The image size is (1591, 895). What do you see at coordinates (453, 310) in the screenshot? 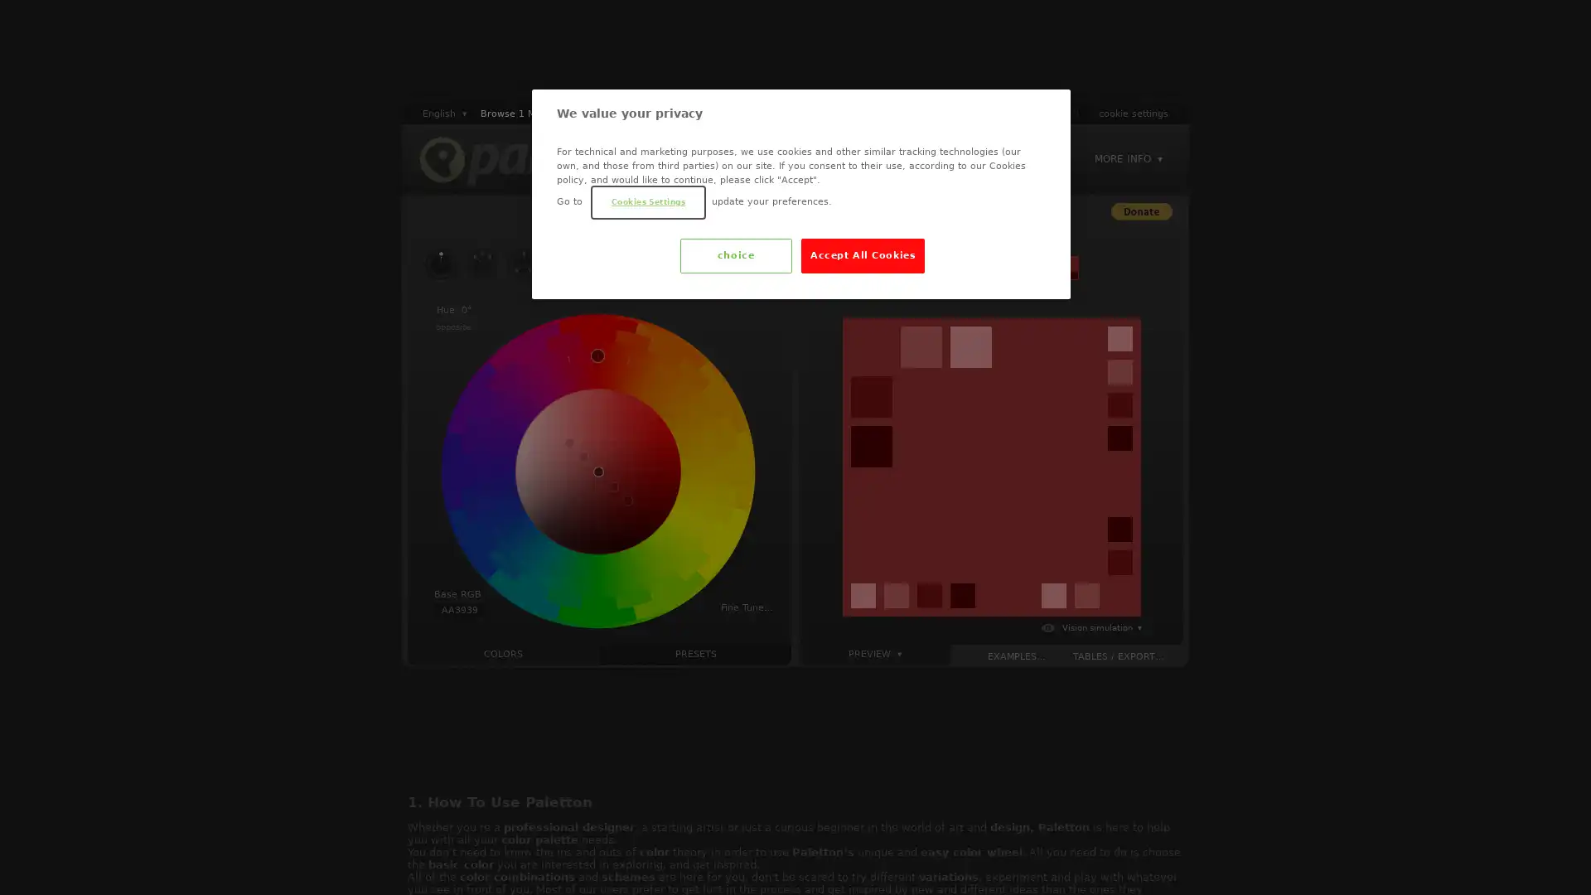
I see `Hue: 0` at bounding box center [453, 310].